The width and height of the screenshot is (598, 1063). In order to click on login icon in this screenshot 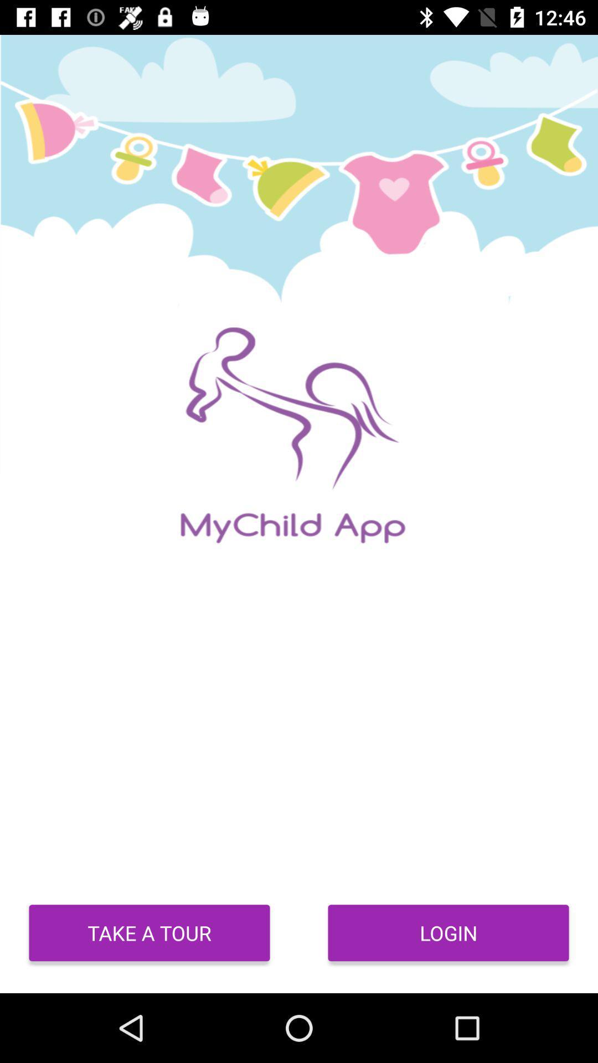, I will do `click(448, 932)`.